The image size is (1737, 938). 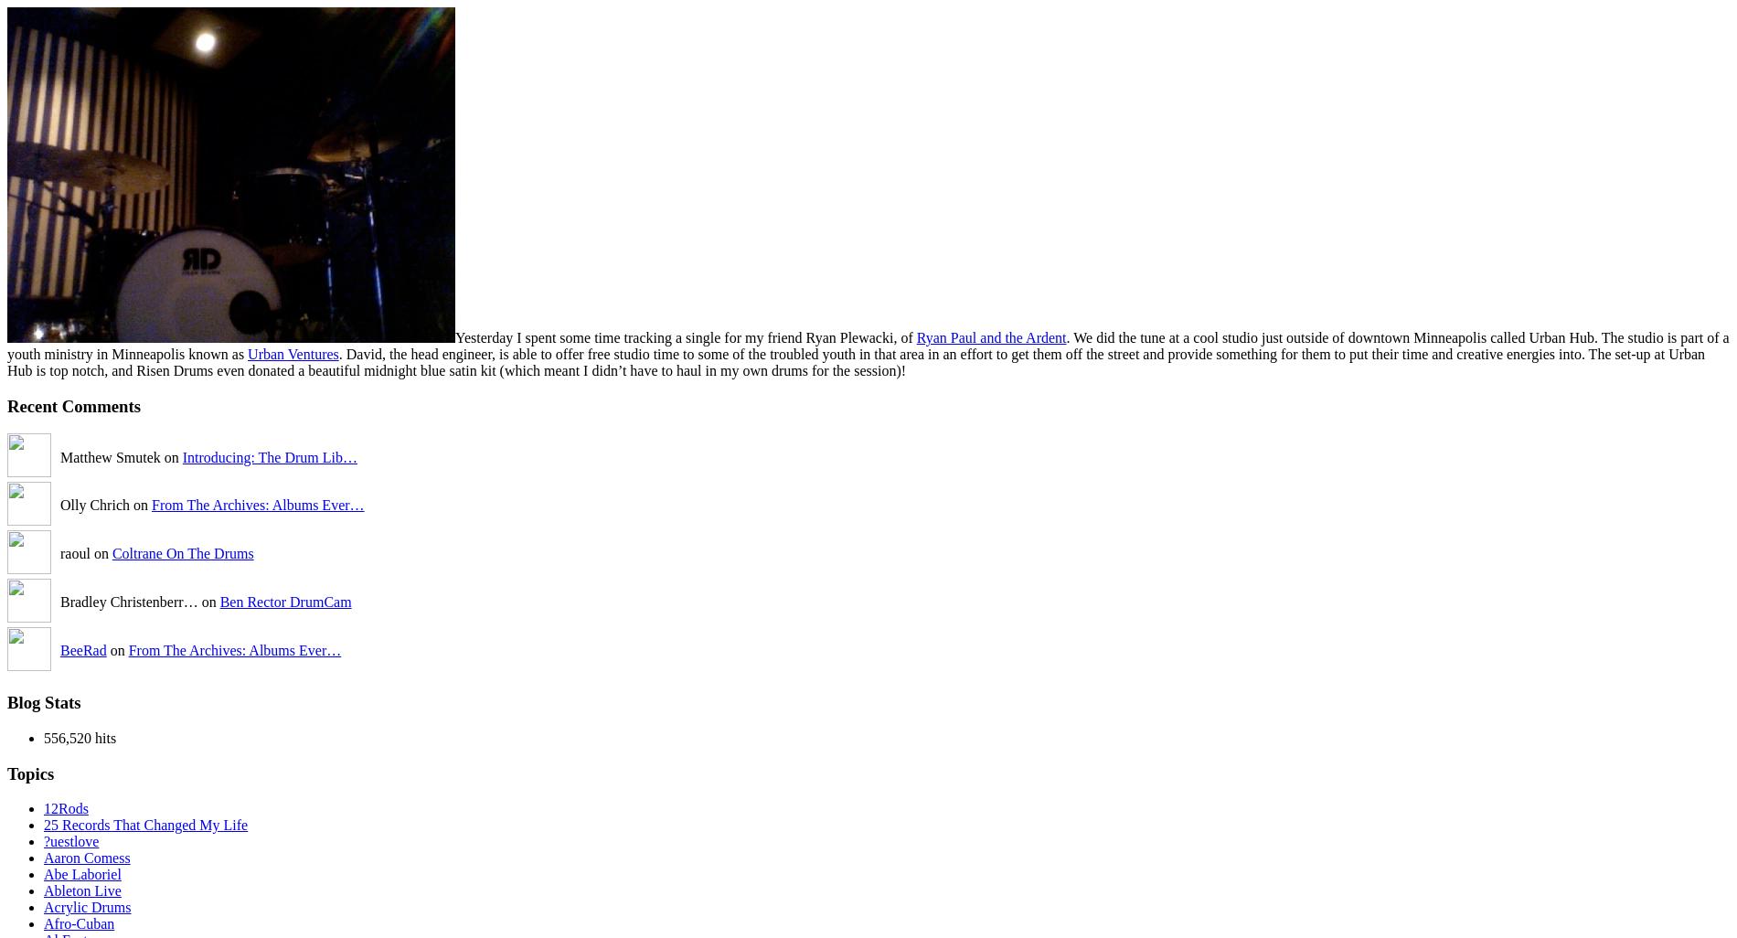 I want to click on 'Afro-Cuban', so click(x=79, y=922).